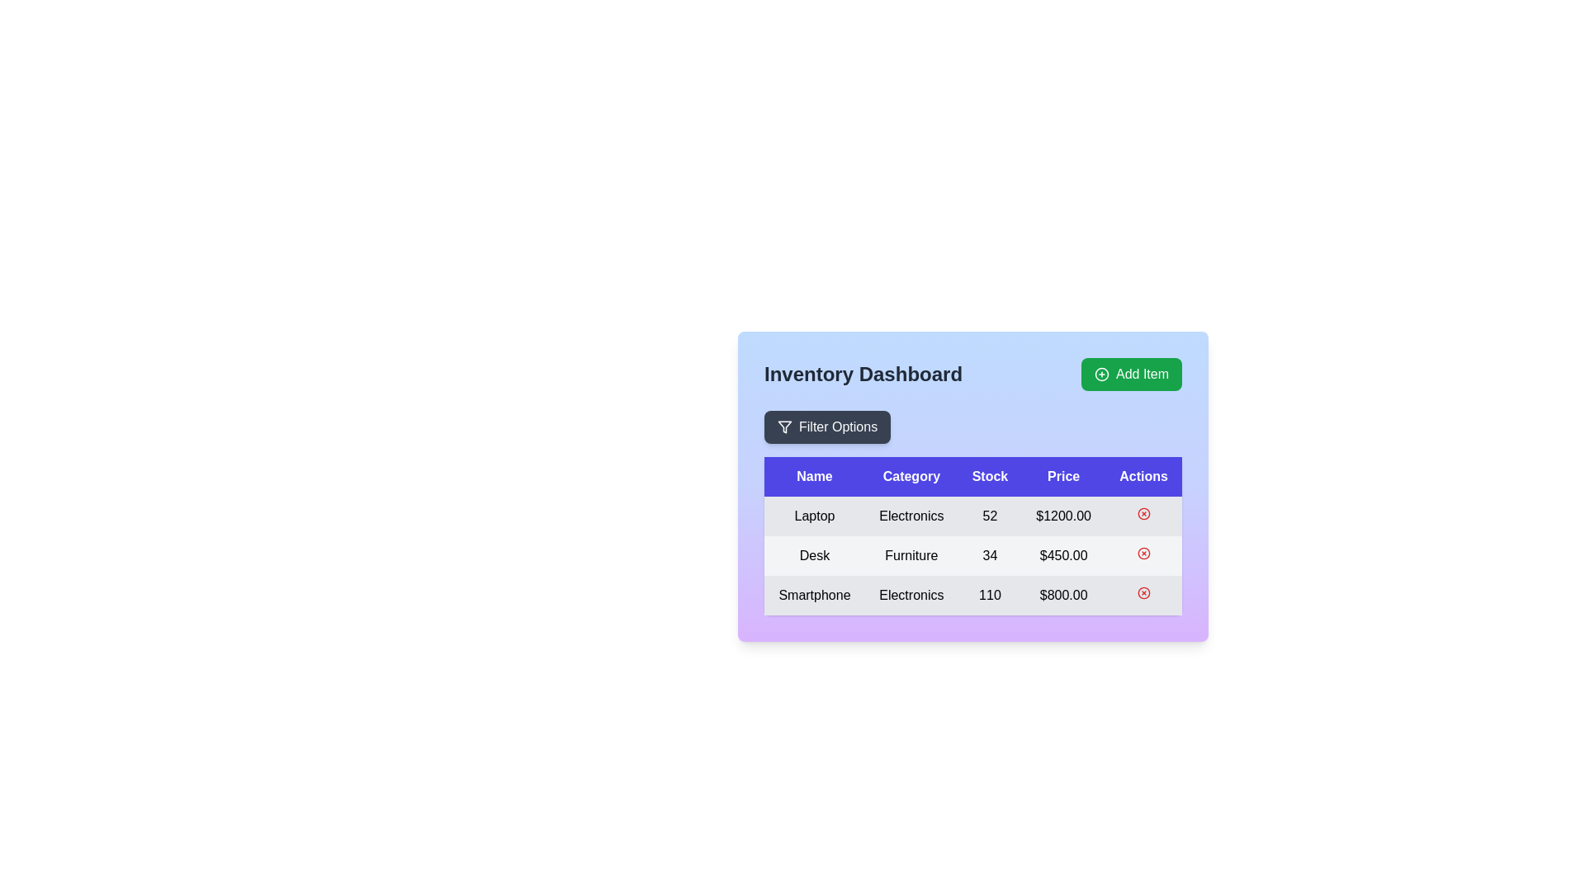 Image resolution: width=1585 pixels, height=891 pixels. I want to click on the inventory table row displaying 'Desk' in order, so click(973, 556).